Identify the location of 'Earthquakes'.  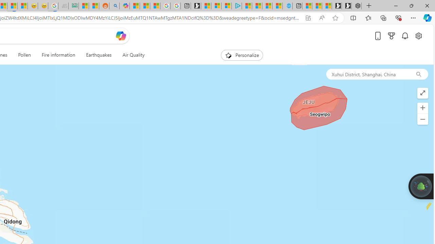
(99, 55).